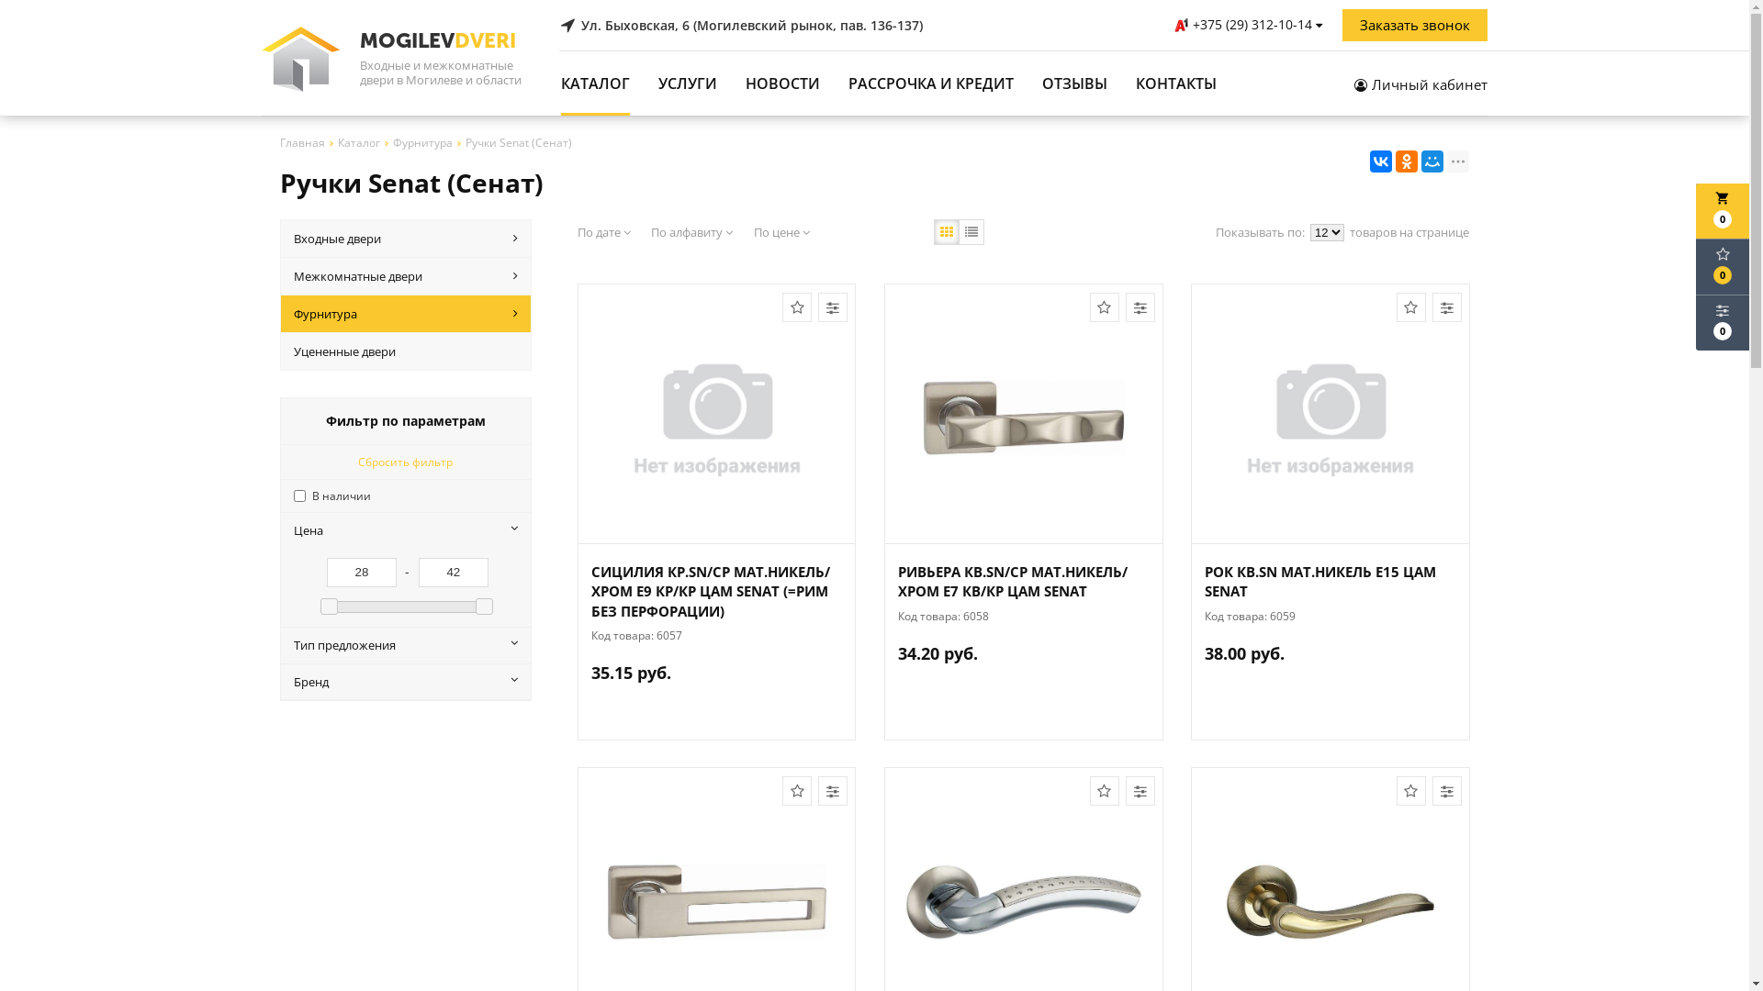  What do you see at coordinates (1722, 210) in the screenshot?
I see `'local_grocery_store` at bounding box center [1722, 210].